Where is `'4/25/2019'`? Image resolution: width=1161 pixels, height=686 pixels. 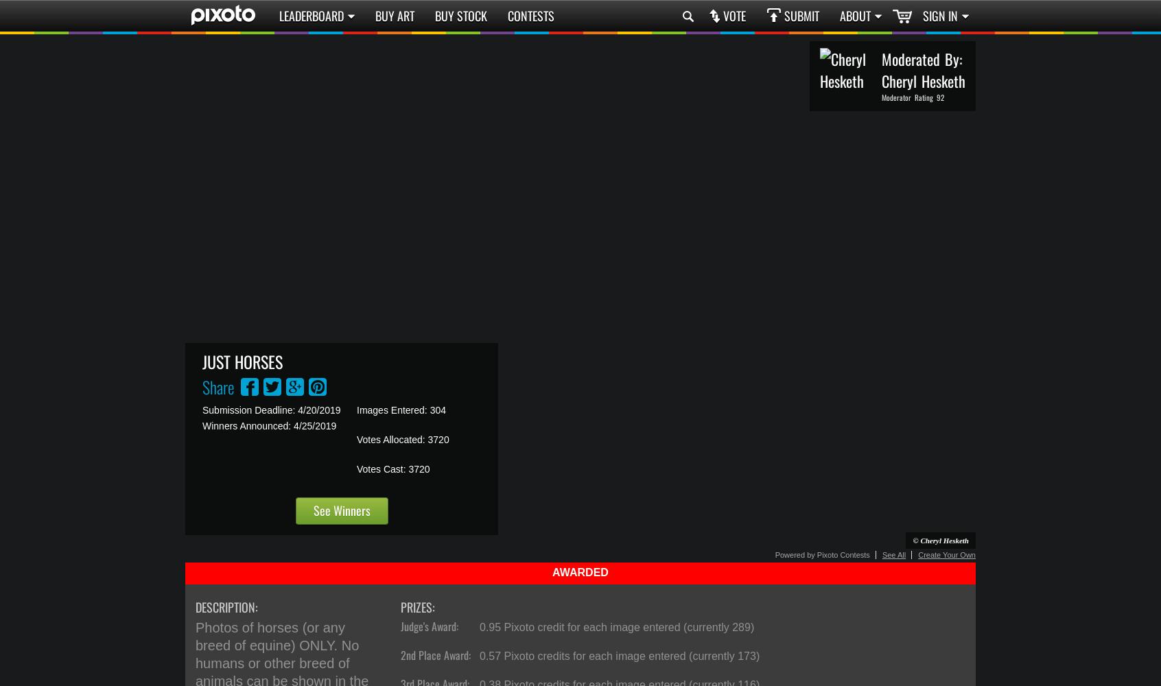 '4/25/2019' is located at coordinates (314, 425).